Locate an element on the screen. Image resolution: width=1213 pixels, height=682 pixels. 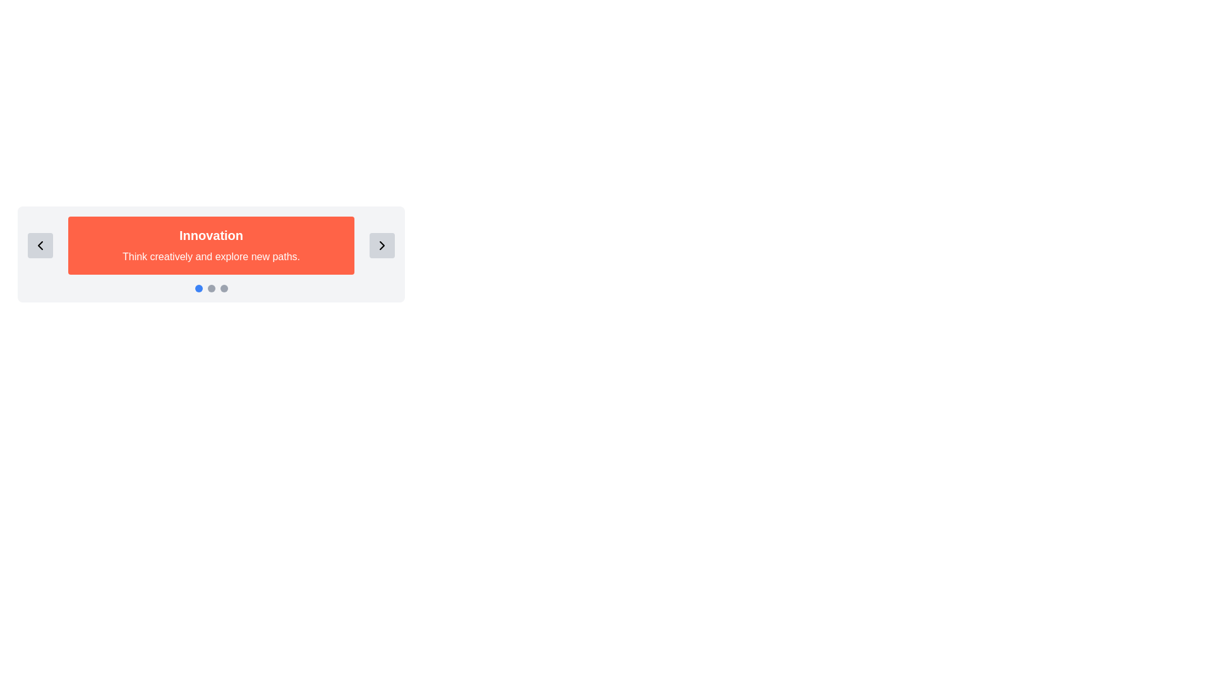
the rightmost button with a light gray background and a rightward-pointing chevron icon is located at coordinates (381, 246).